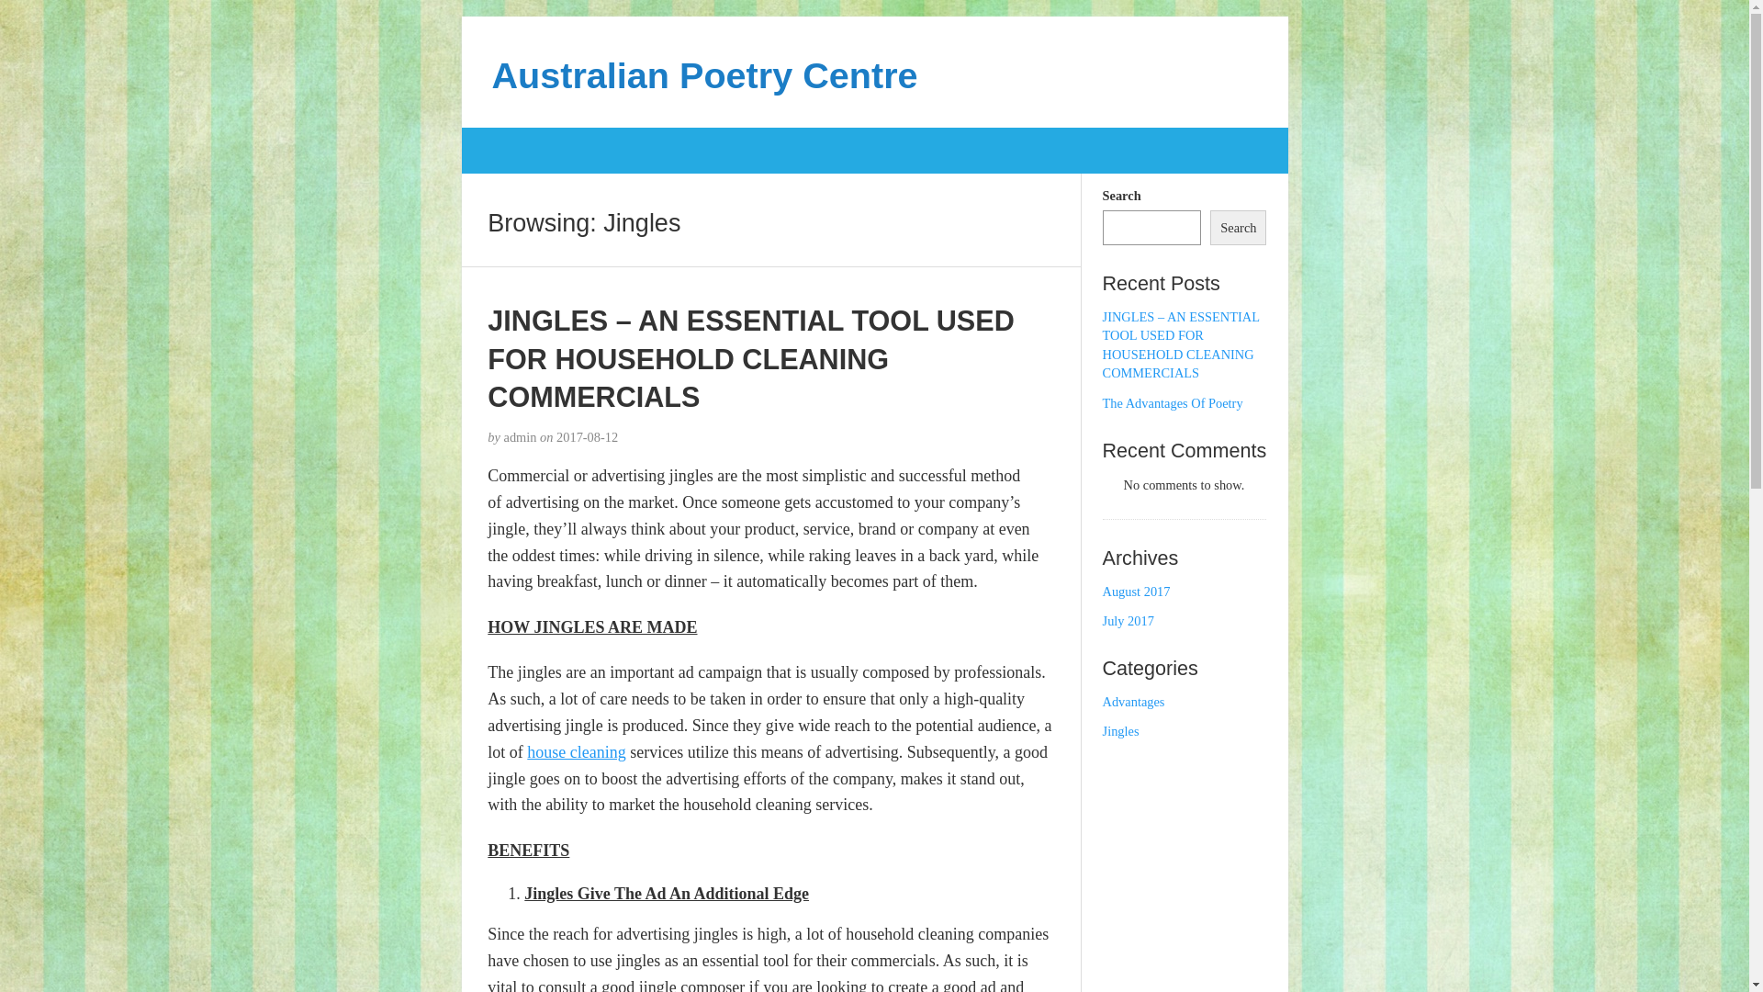 This screenshot has height=992, width=1763. Describe the element at coordinates (1136, 592) in the screenshot. I see `'August 2017'` at that location.